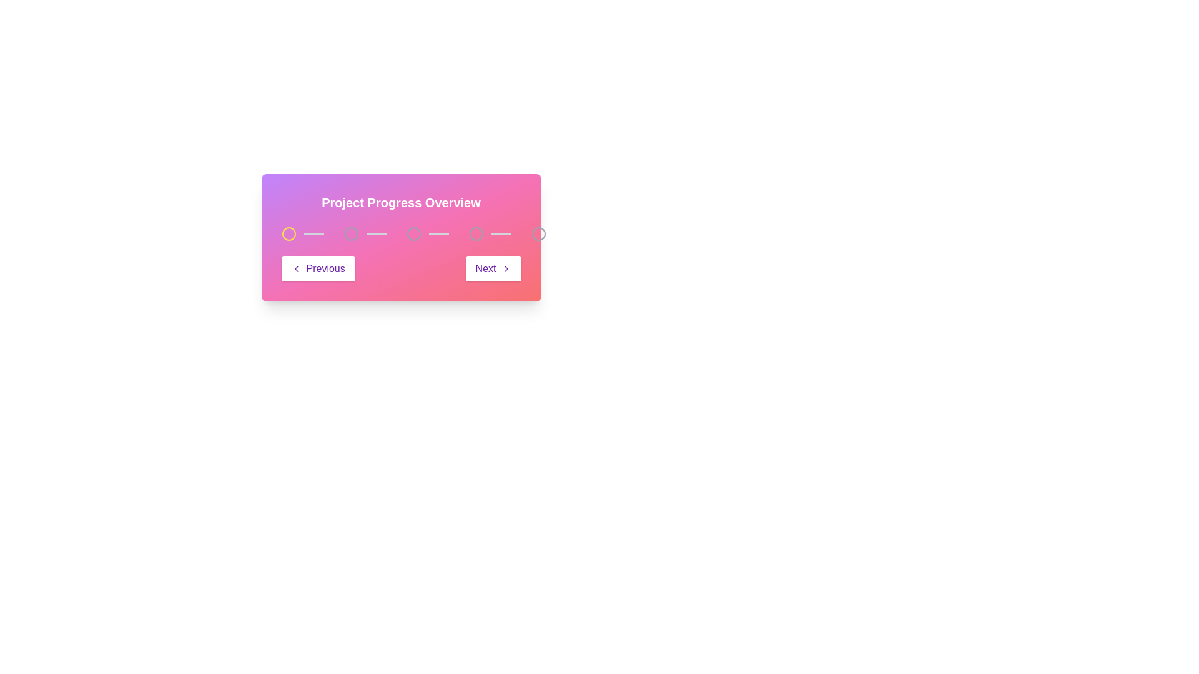 The image size is (1199, 674). I want to click on the last circular Progress indicator located at the far right of the progression tracker to interact with it, so click(538, 233).